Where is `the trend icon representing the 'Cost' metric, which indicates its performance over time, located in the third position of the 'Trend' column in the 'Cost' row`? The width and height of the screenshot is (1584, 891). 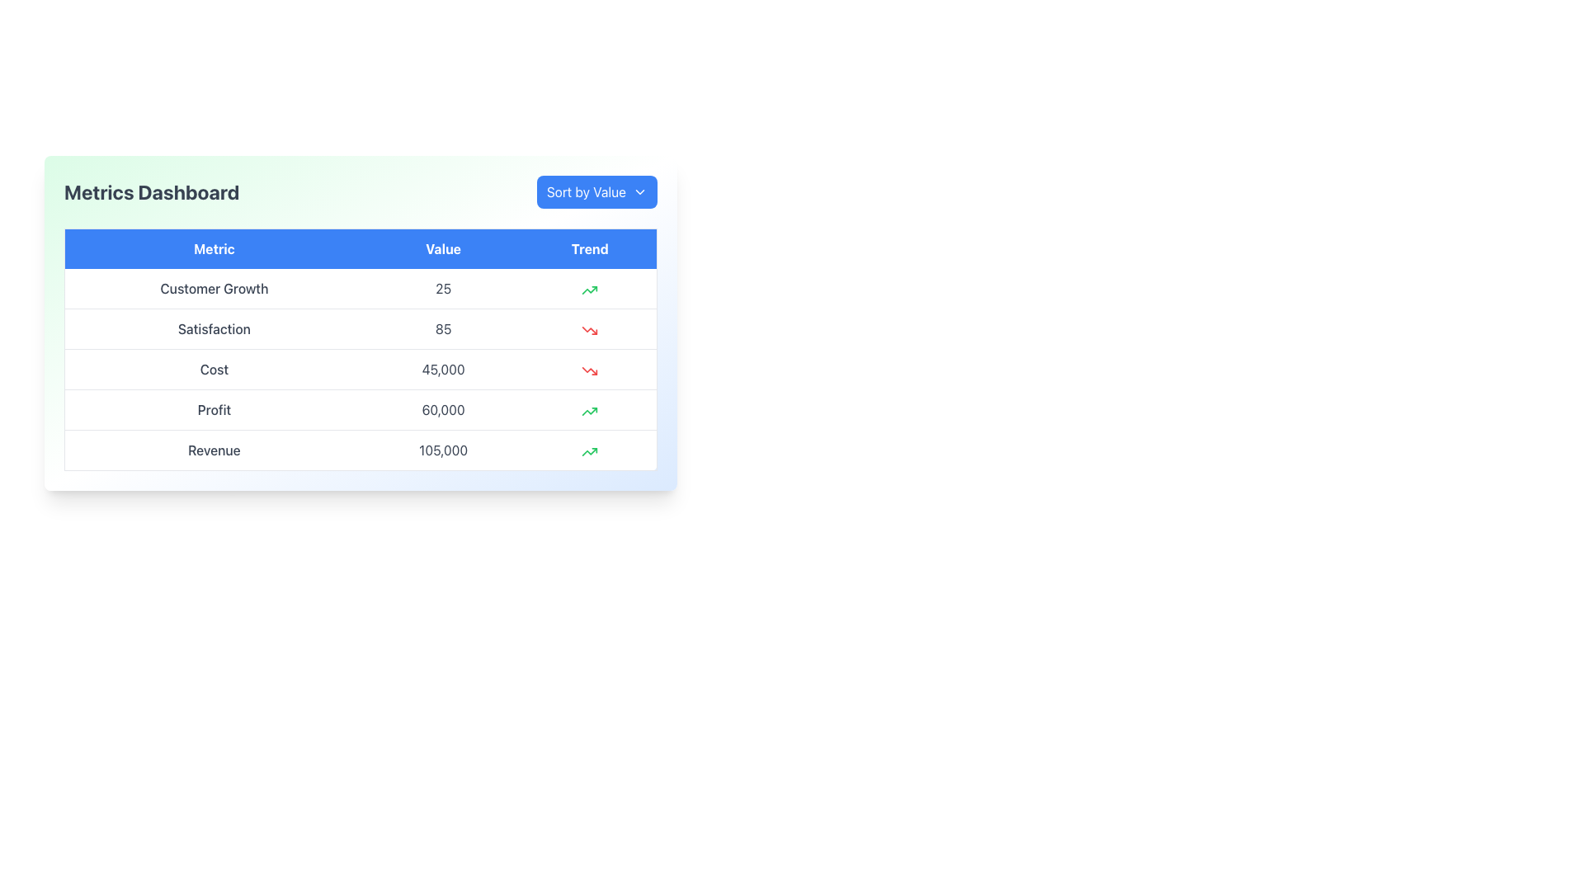 the trend icon representing the 'Cost' metric, which indicates its performance over time, located in the third position of the 'Trend' column in the 'Cost' row is located at coordinates (590, 368).